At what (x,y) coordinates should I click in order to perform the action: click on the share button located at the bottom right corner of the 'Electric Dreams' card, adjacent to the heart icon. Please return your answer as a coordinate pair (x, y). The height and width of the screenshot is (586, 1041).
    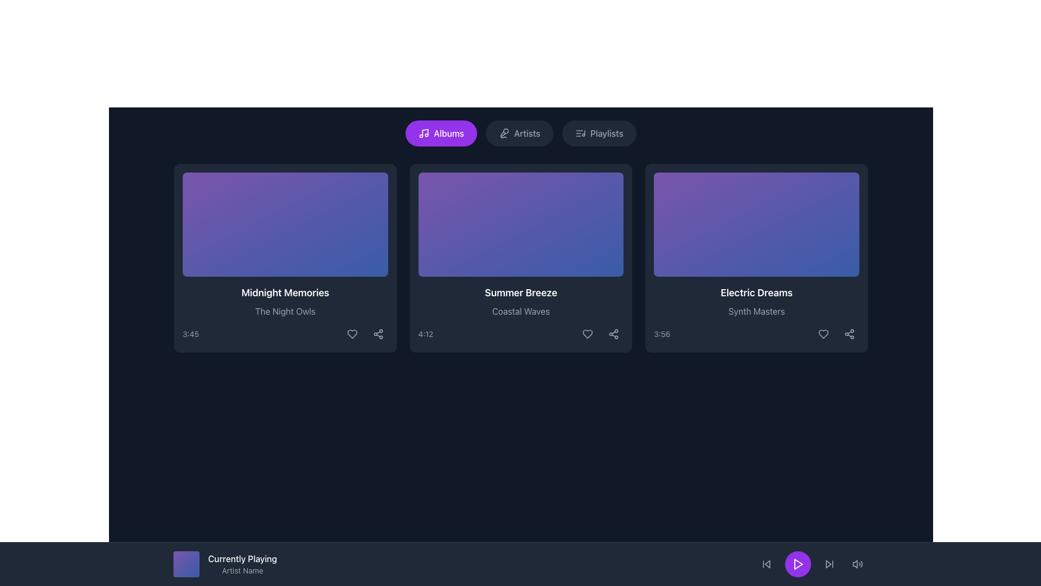
    Looking at the image, I should click on (849, 334).